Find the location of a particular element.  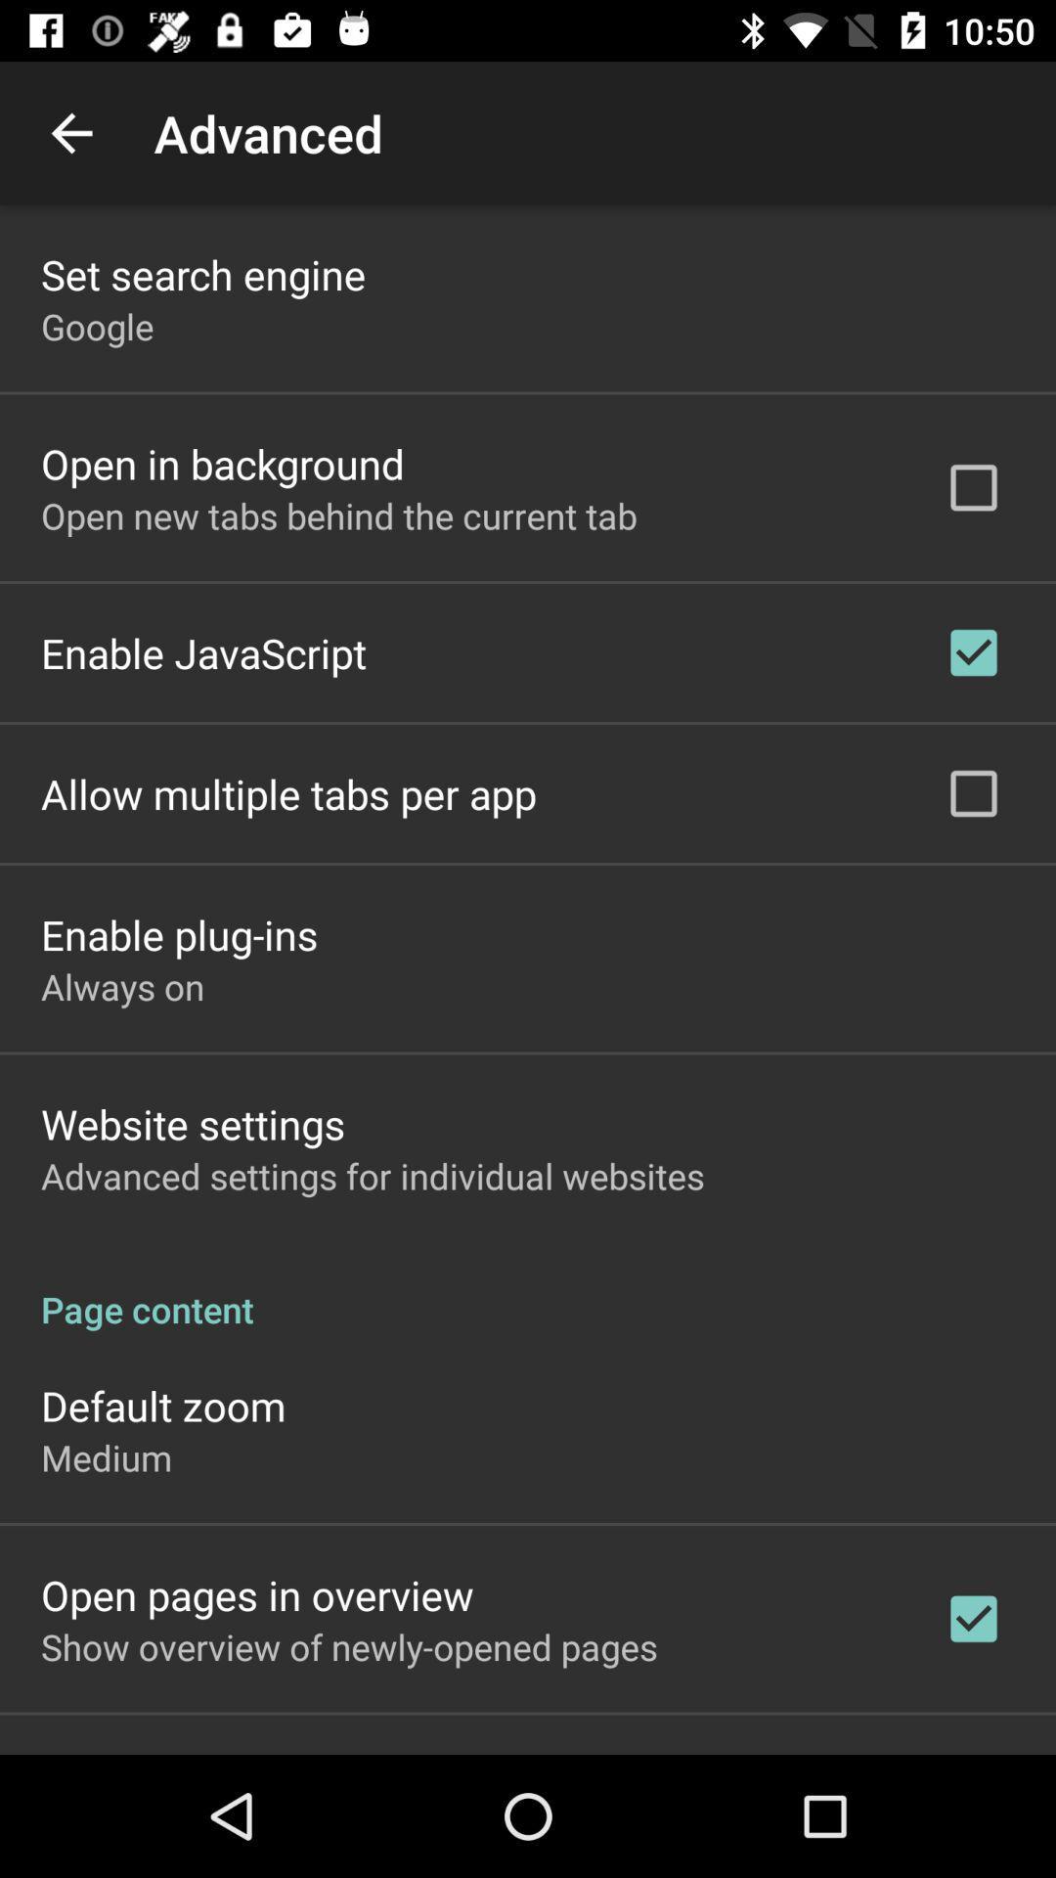

advanced settings for icon is located at coordinates (373, 1175).